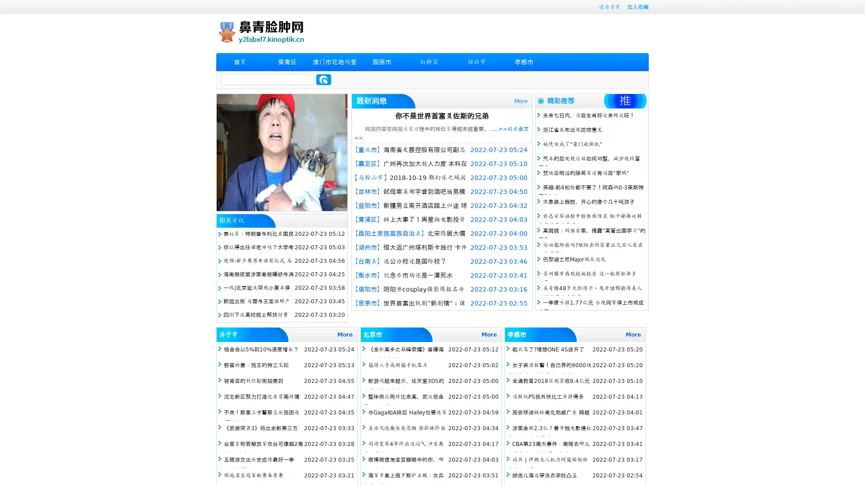 The width and height of the screenshot is (865, 486). Describe the element at coordinates (323, 79) in the screenshot. I see `Search` at that location.